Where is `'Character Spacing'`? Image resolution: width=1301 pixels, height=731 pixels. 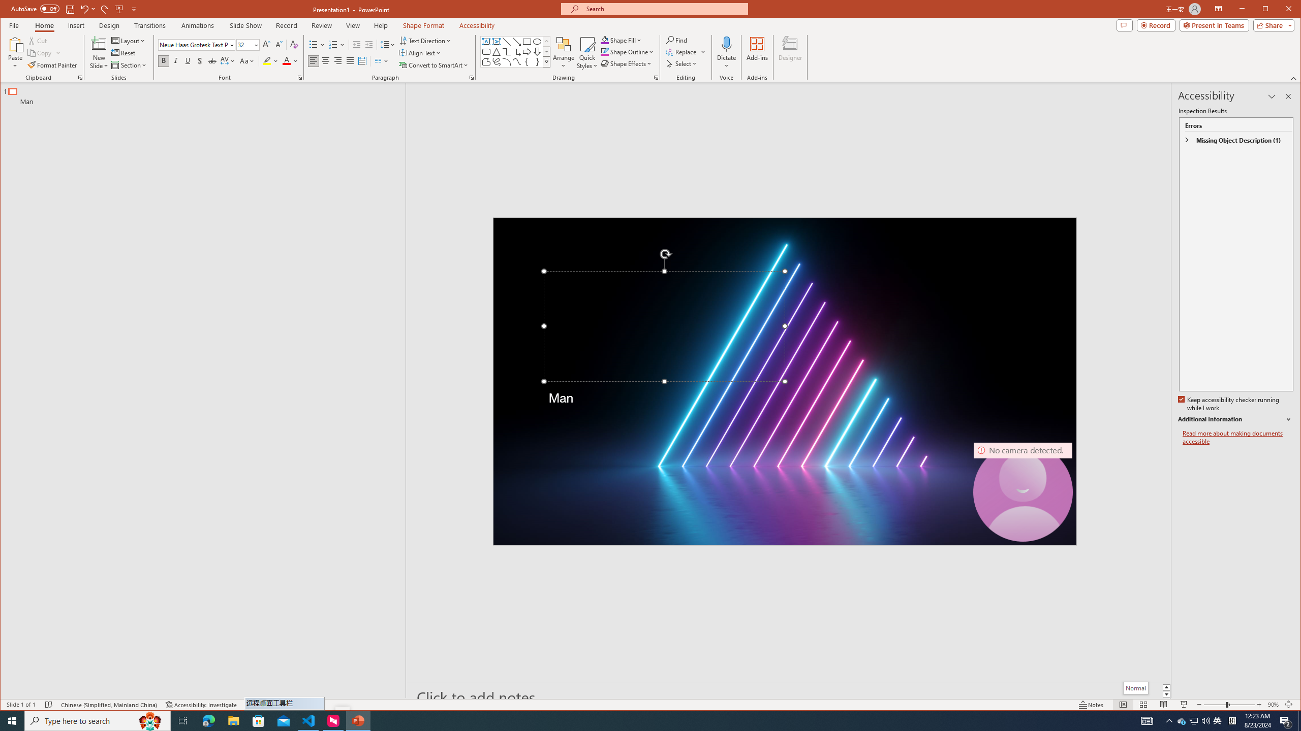
'Character Spacing' is located at coordinates (228, 60).